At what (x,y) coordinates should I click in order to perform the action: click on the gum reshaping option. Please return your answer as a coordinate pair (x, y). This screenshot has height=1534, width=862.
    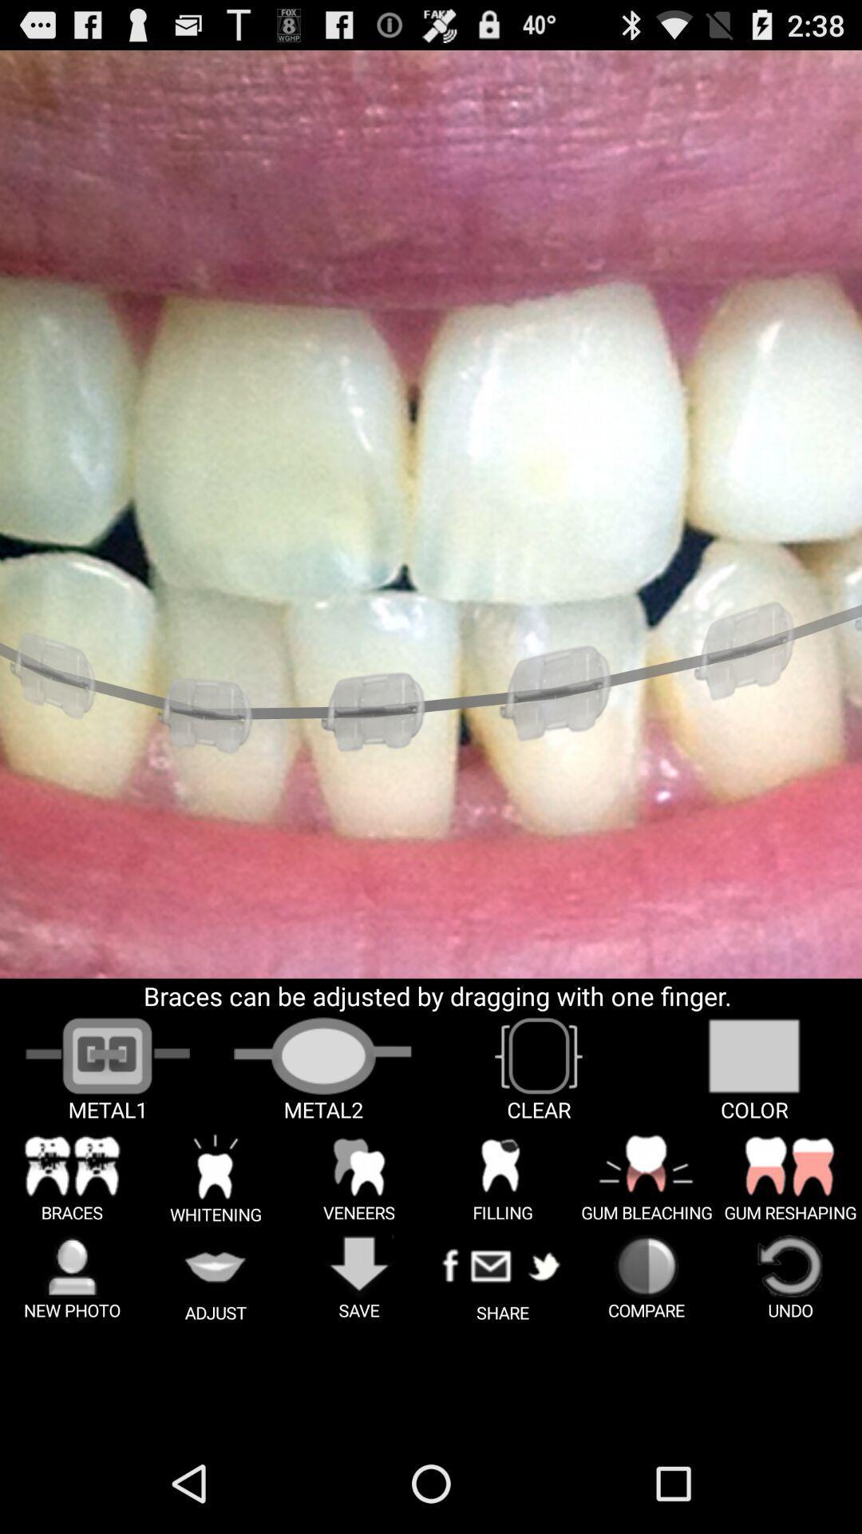
    Looking at the image, I should click on (790, 1178).